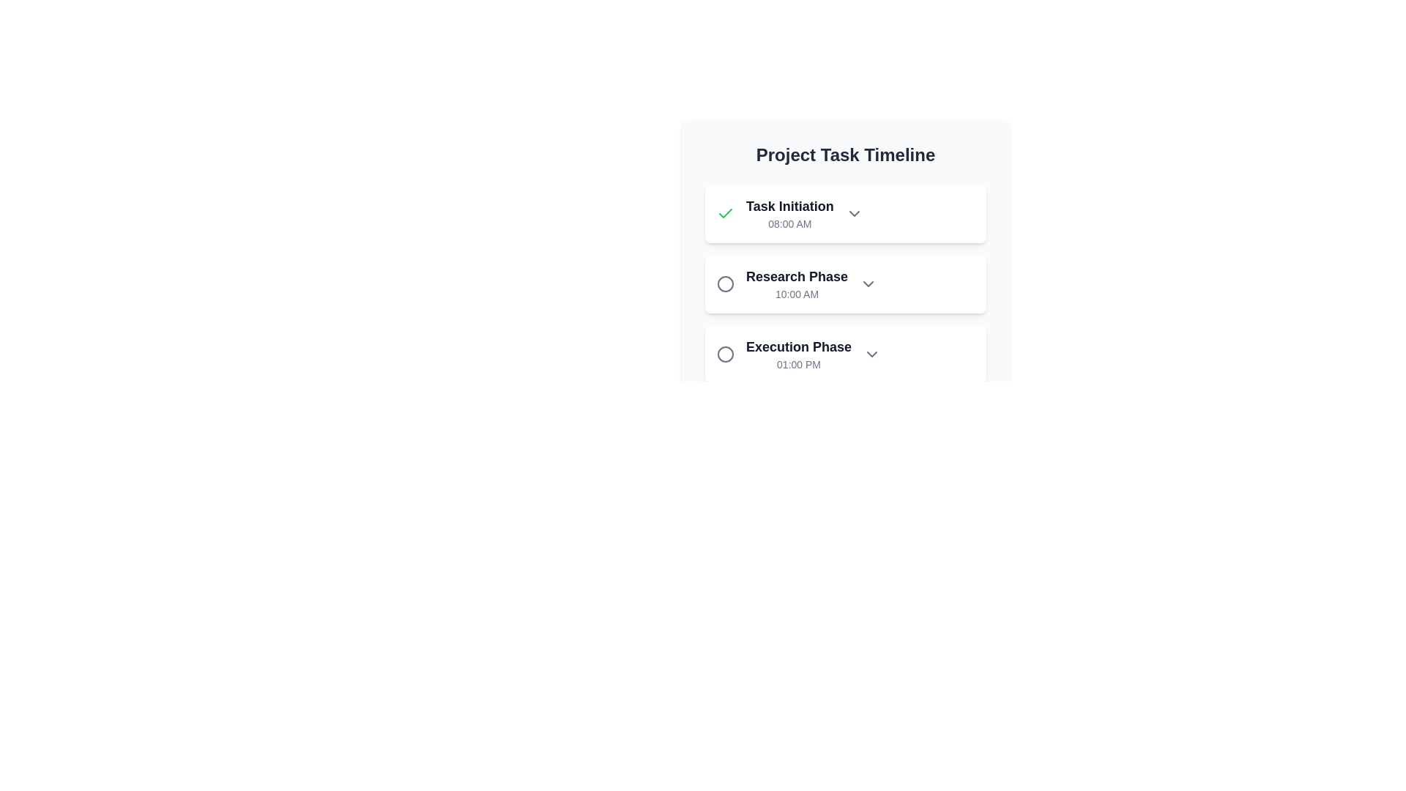  I want to click on the Circle glyph icon located in the 'Research Phase' task entry, so click(725, 284).